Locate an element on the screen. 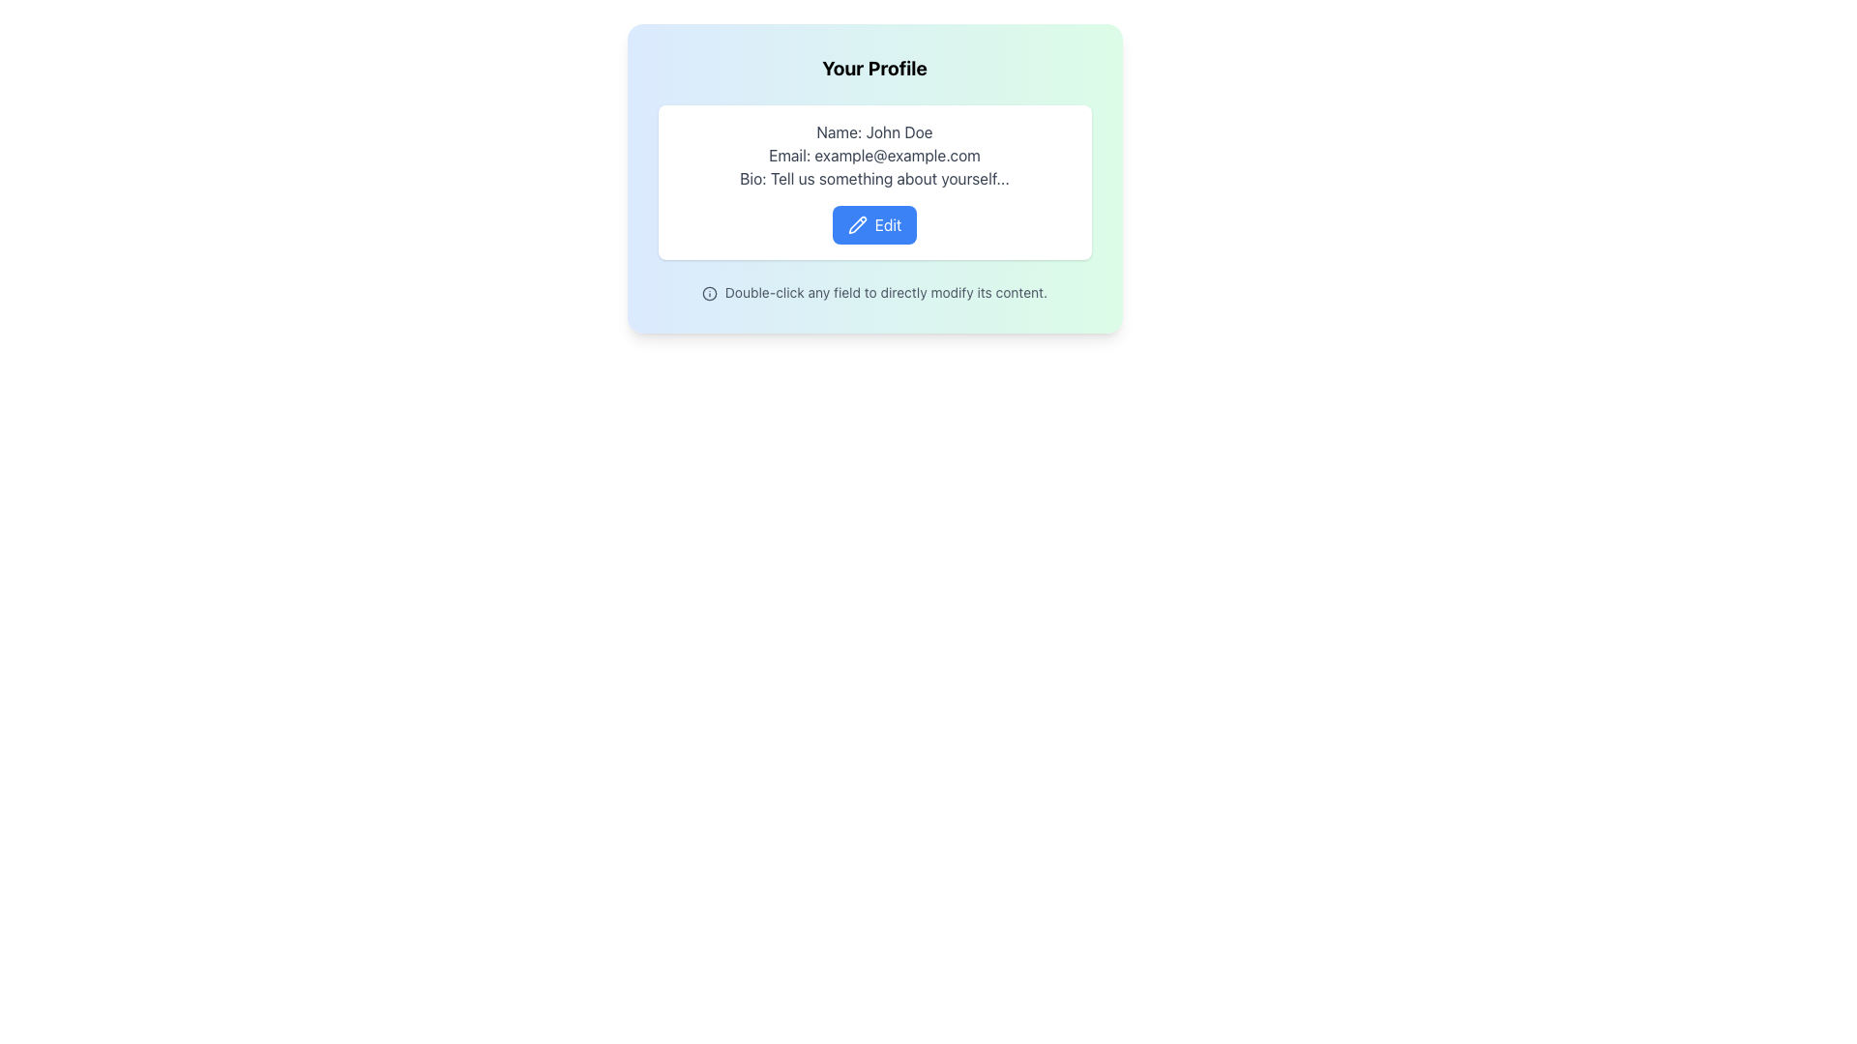 The image size is (1857, 1044). the button located at the bottom center of the user profile card is located at coordinates (873, 223).